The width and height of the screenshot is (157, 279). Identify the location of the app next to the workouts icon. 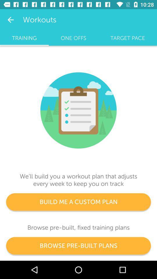
(10, 20).